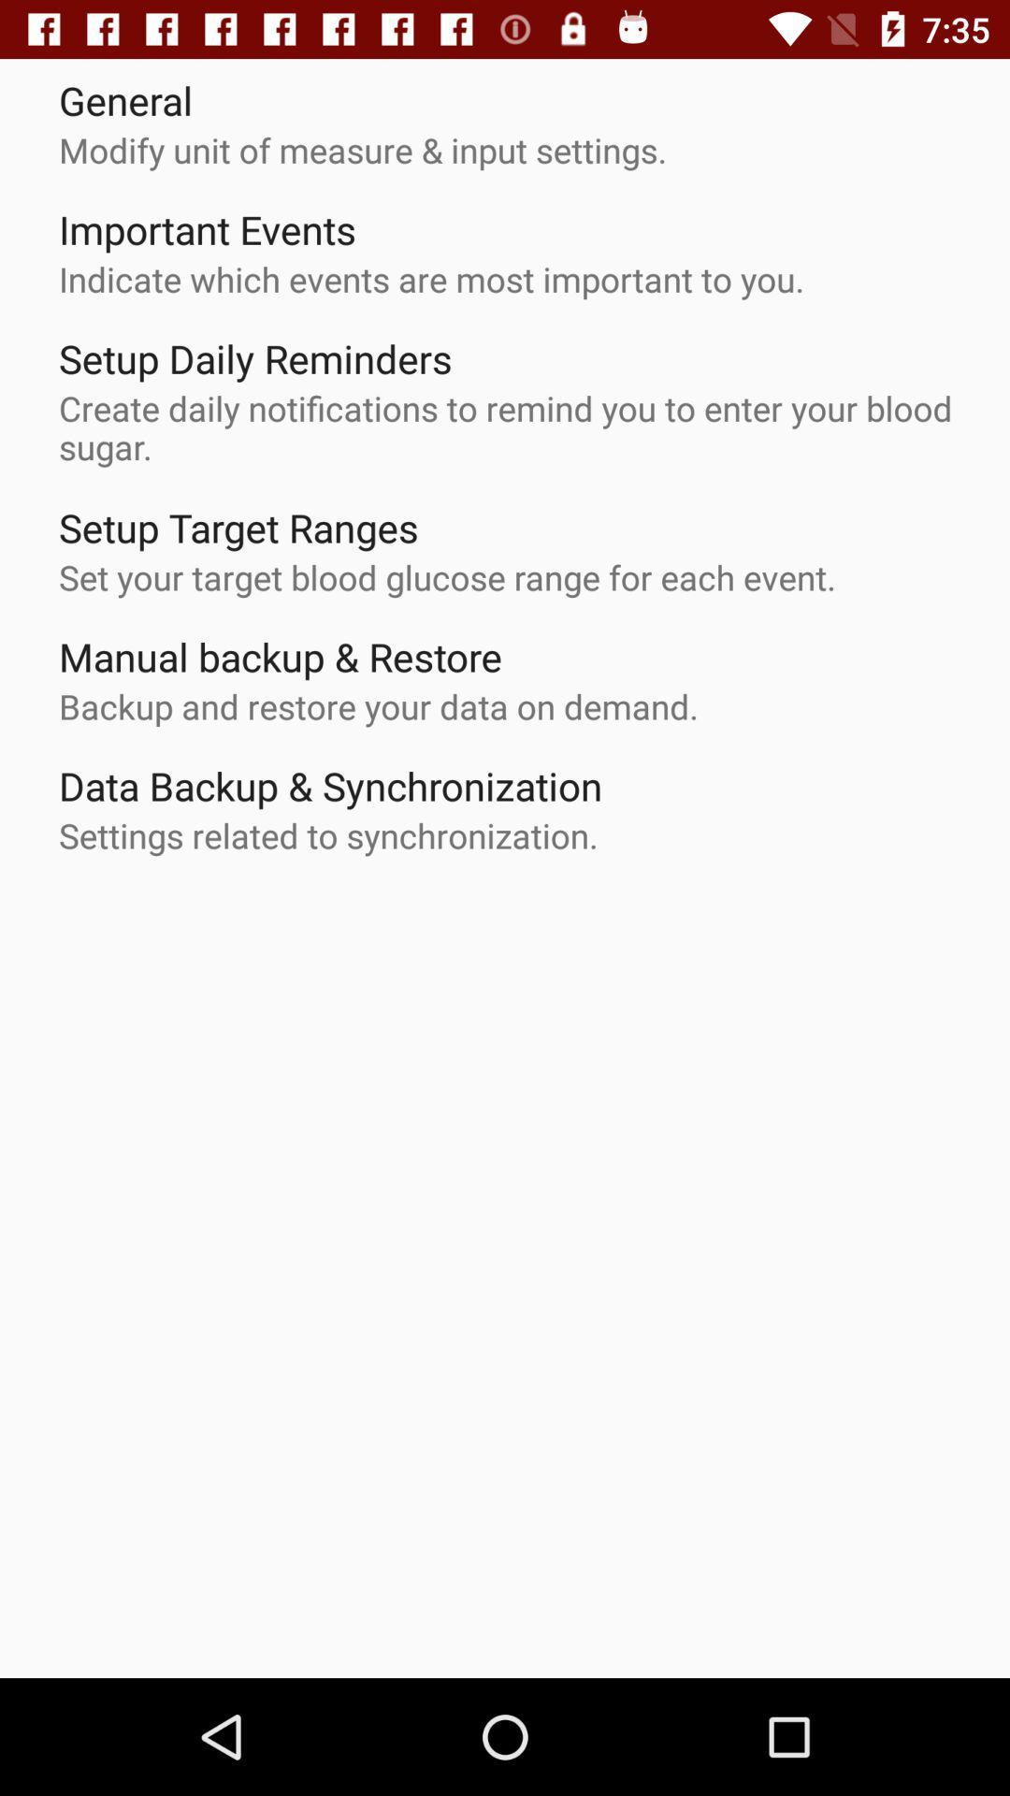  I want to click on the general app, so click(125, 99).